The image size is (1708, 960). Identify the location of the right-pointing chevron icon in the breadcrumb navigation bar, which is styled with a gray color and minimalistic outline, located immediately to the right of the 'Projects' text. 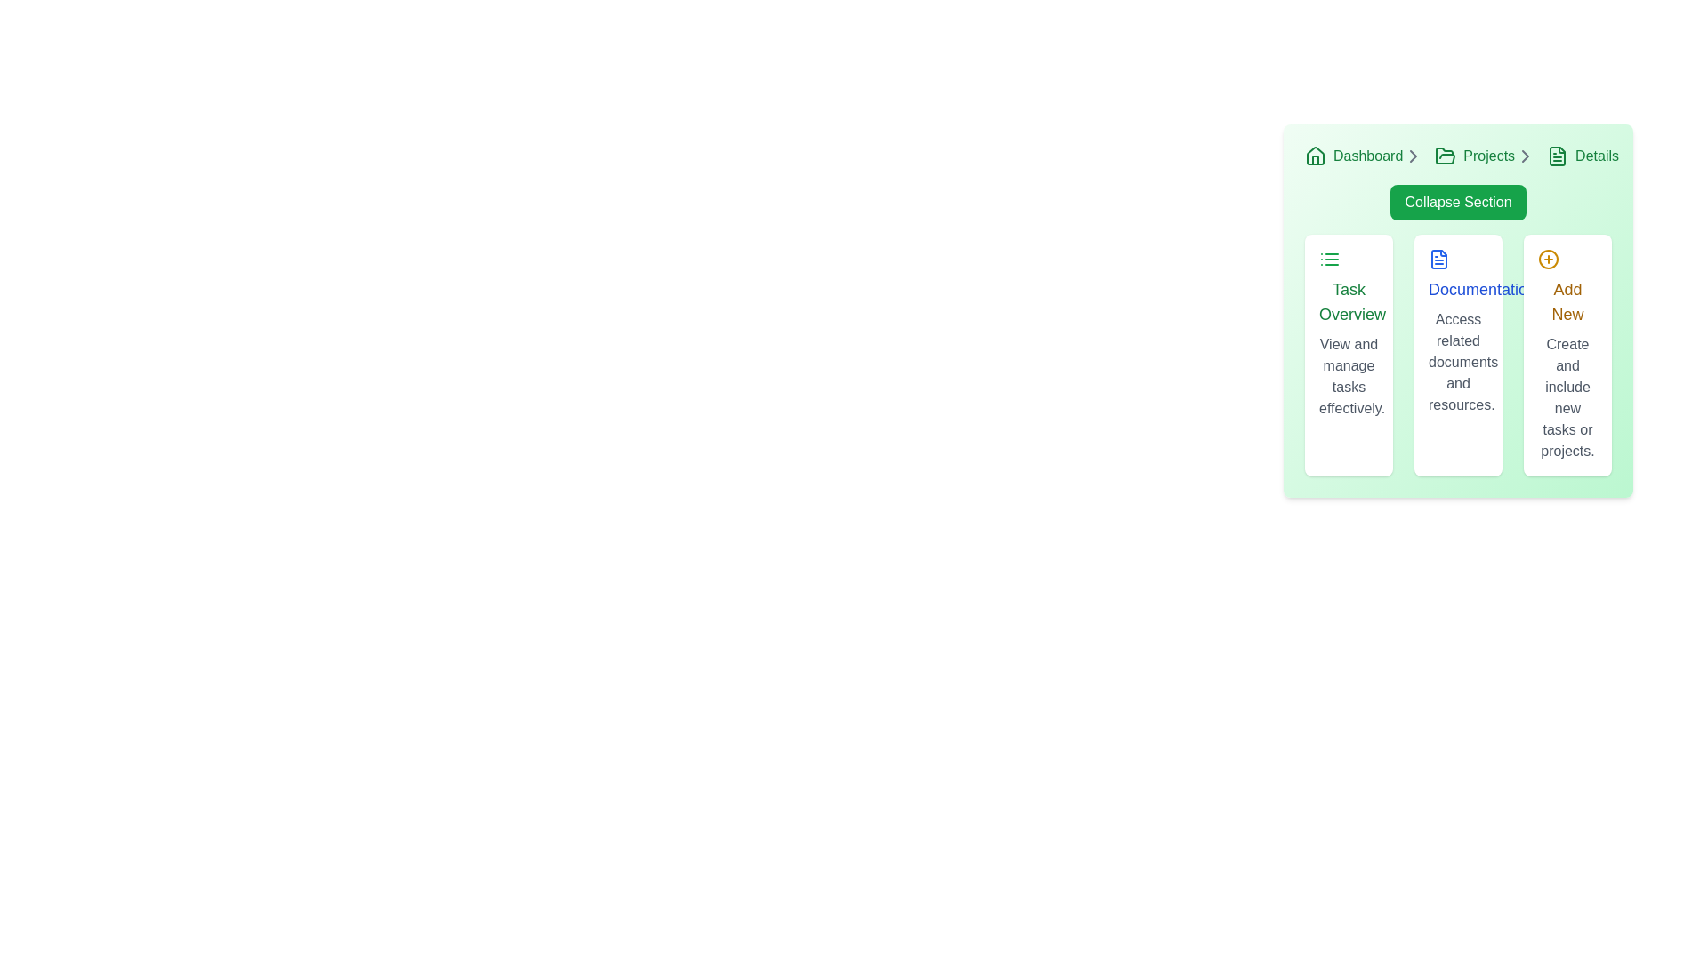
(1525, 156).